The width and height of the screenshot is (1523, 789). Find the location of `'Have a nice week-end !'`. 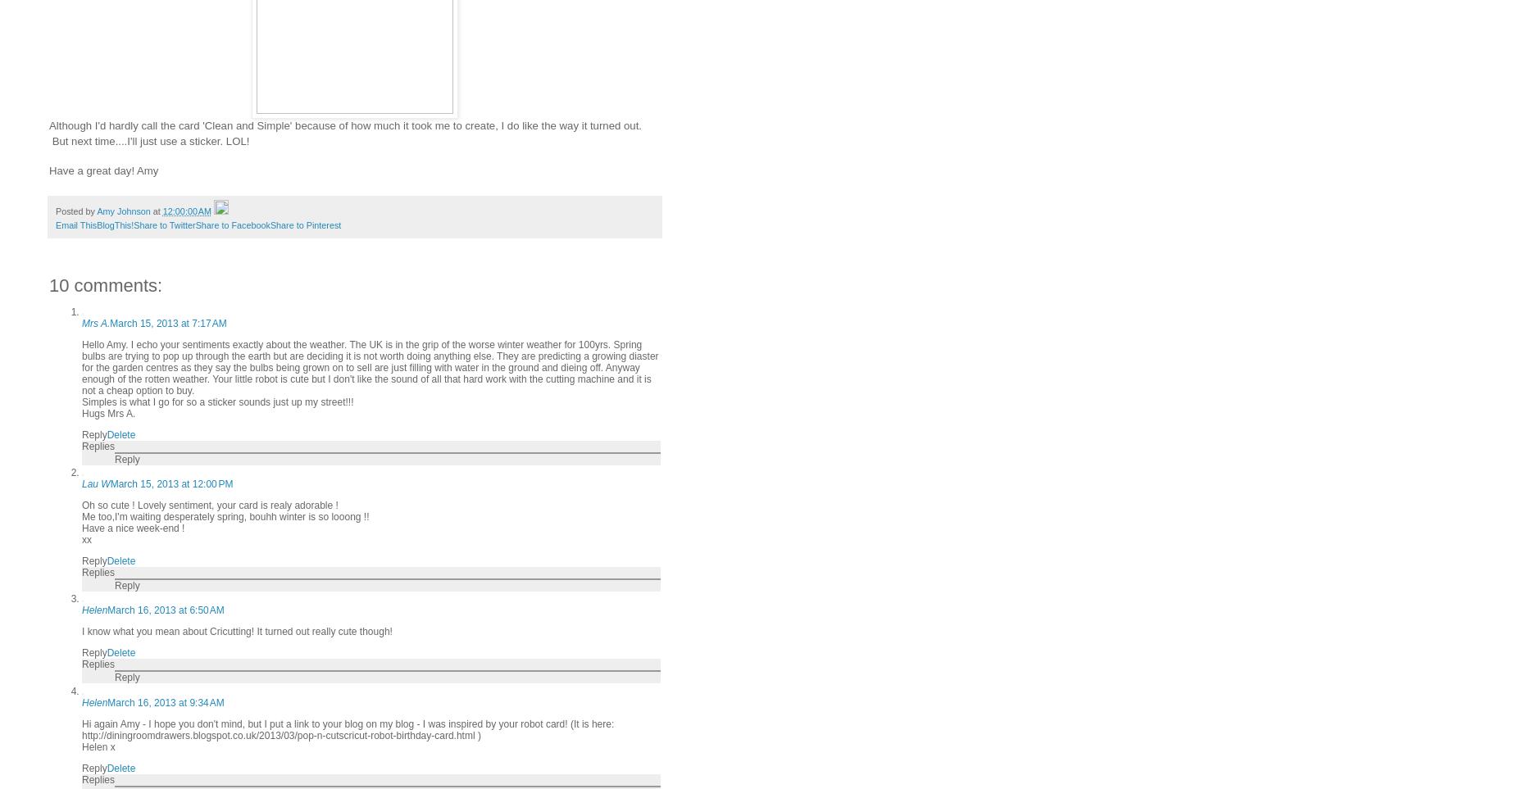

'Have a nice week-end !' is located at coordinates (133, 526).